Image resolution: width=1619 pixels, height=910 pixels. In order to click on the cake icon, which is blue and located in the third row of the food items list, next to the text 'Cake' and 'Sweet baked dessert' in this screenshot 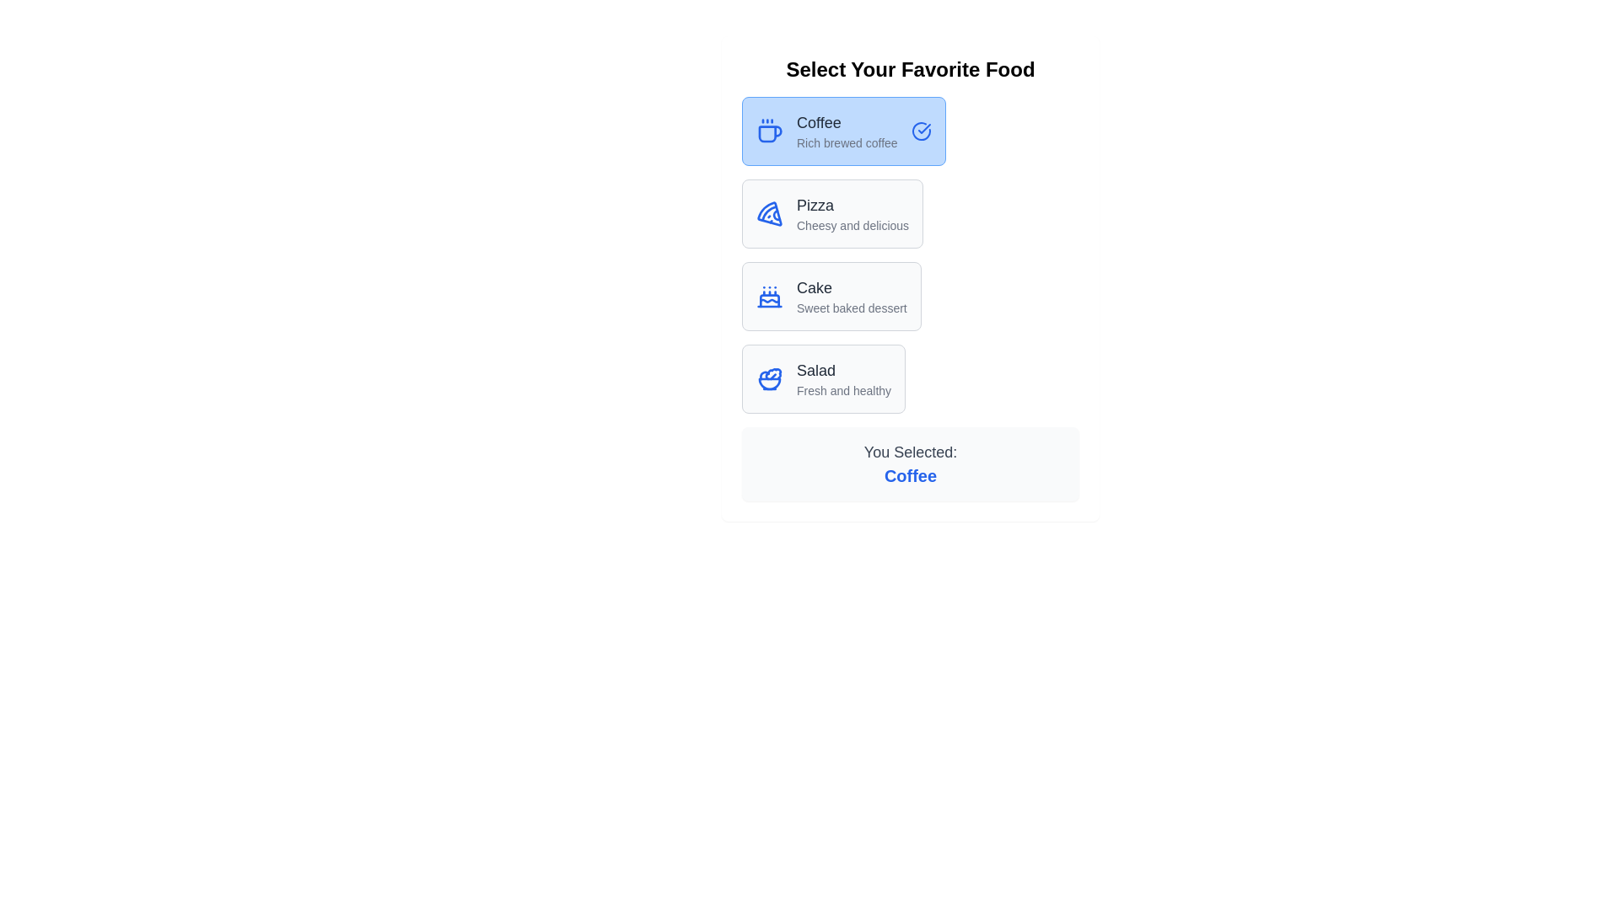, I will do `click(768, 295)`.